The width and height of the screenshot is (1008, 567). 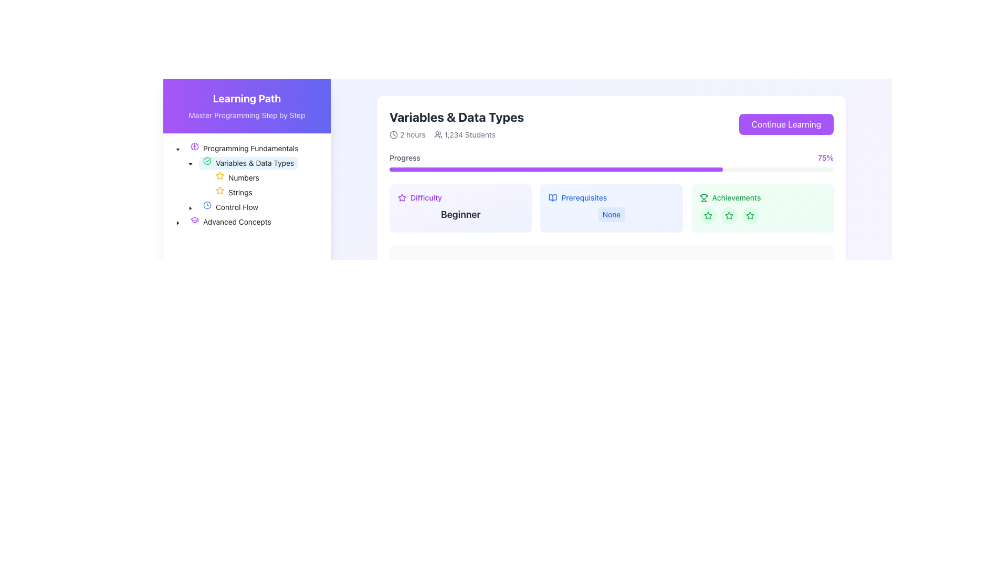 What do you see at coordinates (178, 150) in the screenshot?
I see `the Dropdown expansion indicator (caret icon) located in the left panel under 'Programming Fundamentals'` at bounding box center [178, 150].